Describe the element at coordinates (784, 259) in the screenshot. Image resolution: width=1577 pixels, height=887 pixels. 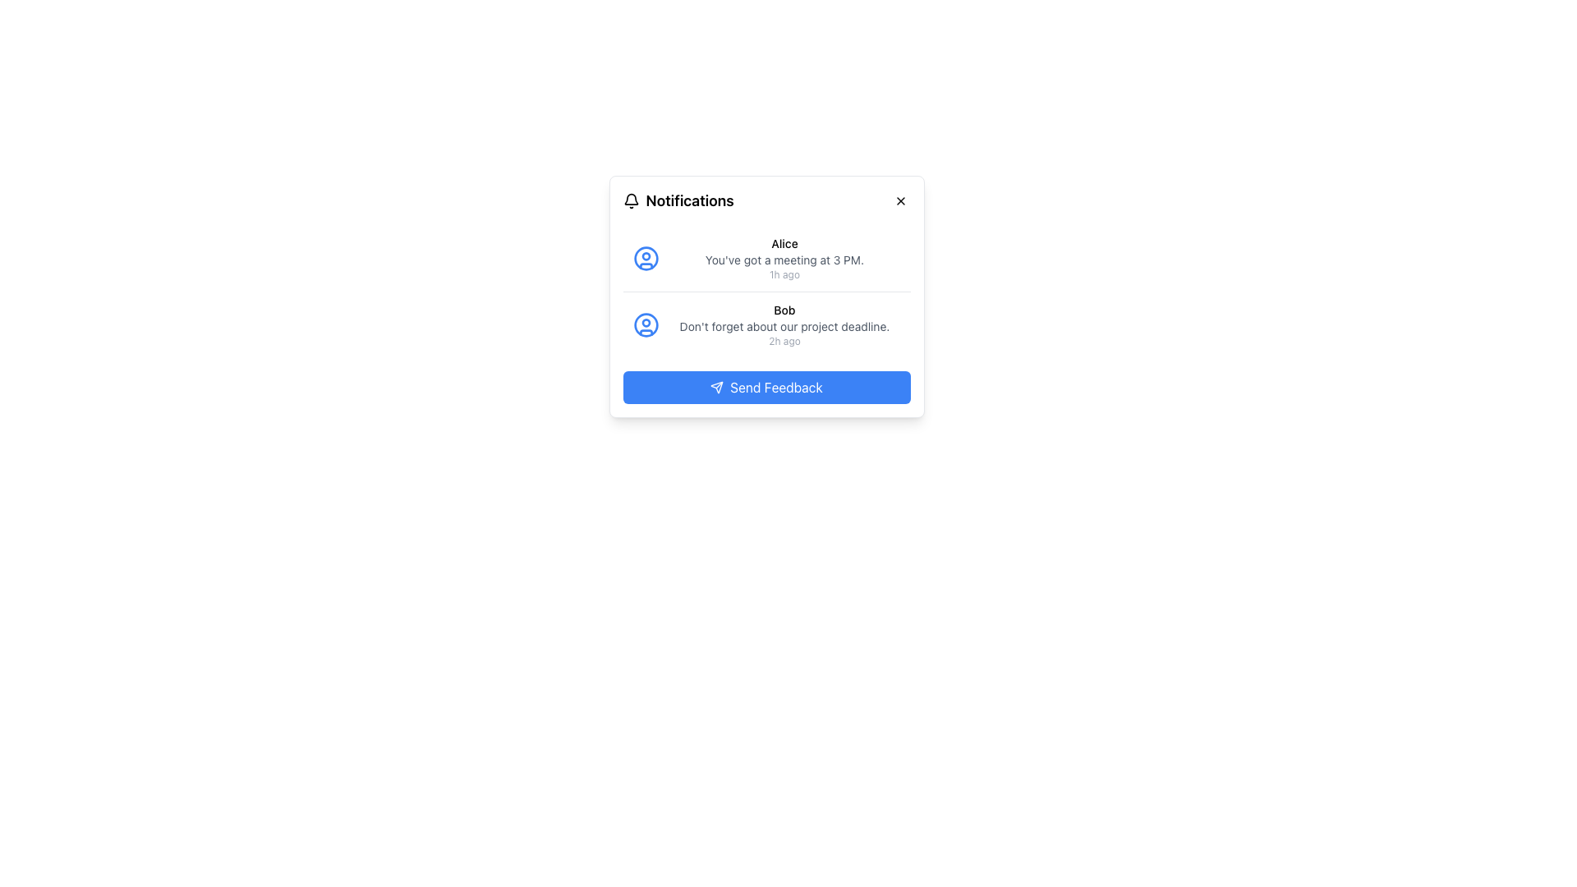
I see `the notification list item featuring 'Alice' with the message 'You've got a meeting at 3 PM.'` at that location.